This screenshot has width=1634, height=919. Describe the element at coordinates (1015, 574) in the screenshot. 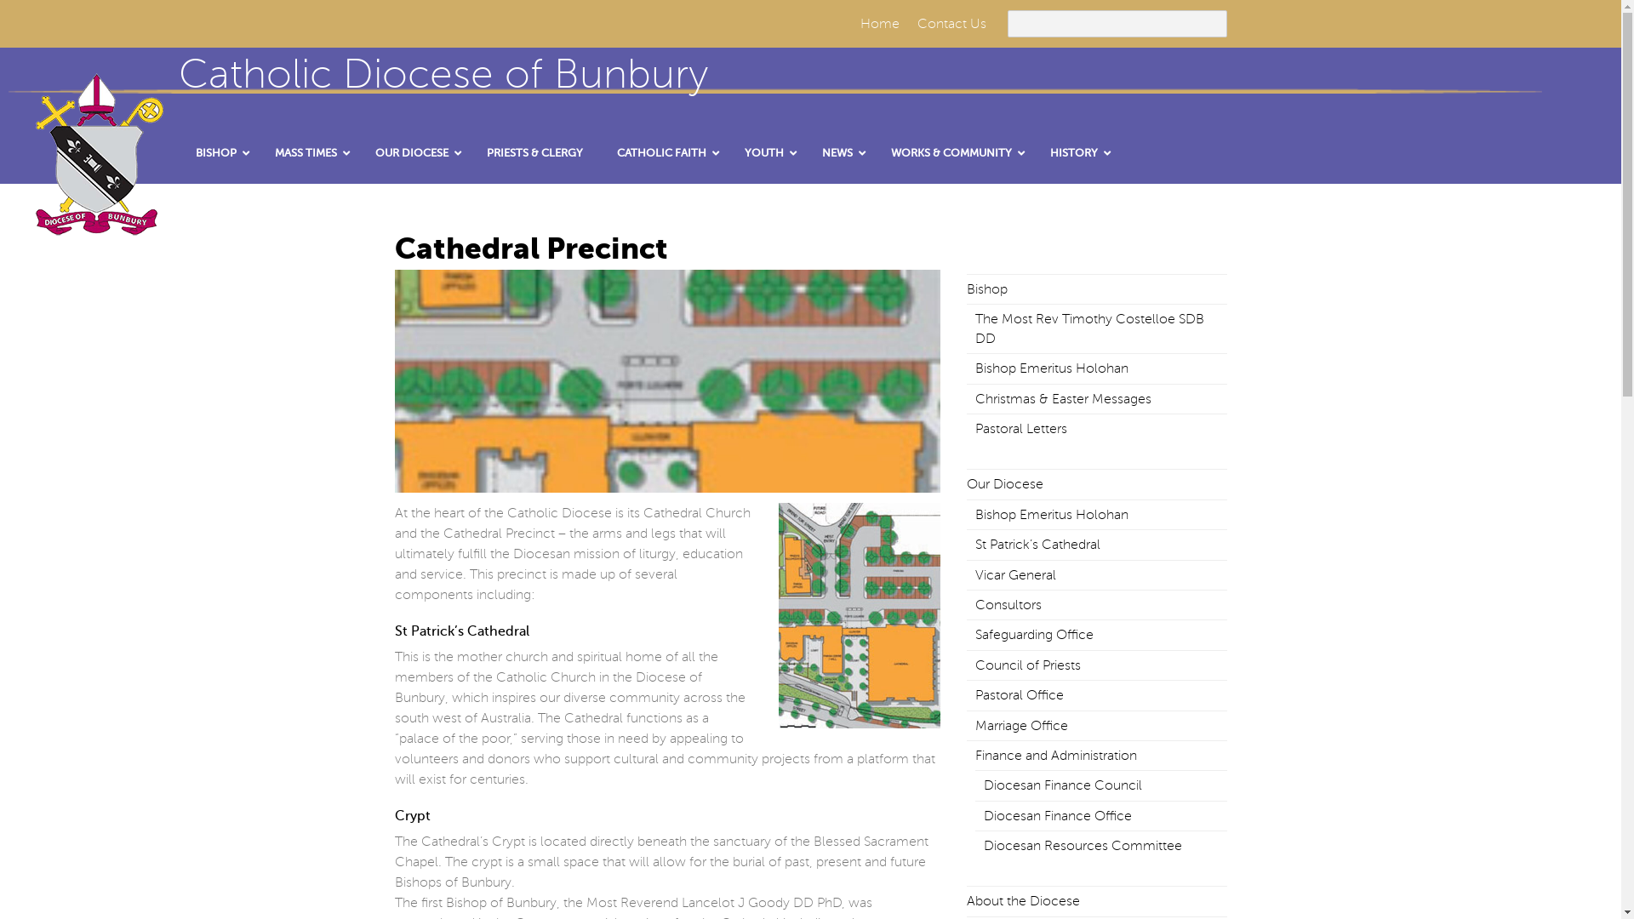

I see `'Vicar General'` at that location.